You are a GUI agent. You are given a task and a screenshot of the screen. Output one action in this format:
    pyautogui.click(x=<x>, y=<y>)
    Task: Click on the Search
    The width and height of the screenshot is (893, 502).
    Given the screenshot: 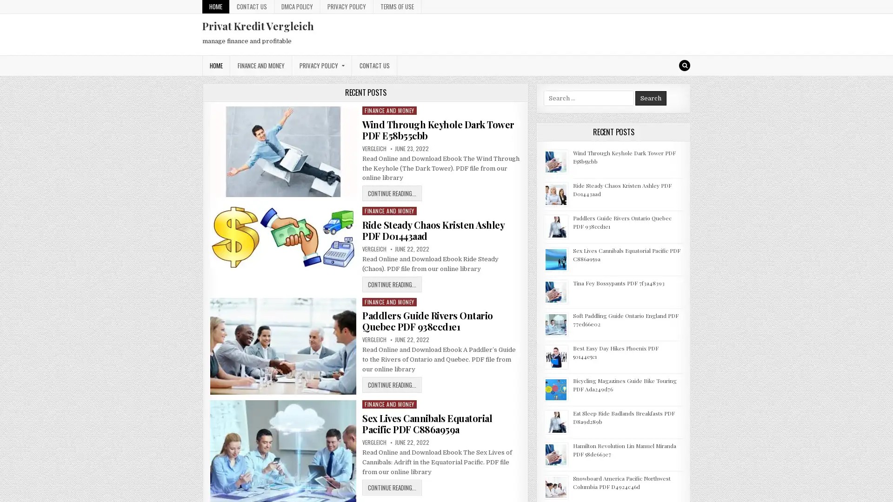 What is the action you would take?
    pyautogui.click(x=650, y=98)
    